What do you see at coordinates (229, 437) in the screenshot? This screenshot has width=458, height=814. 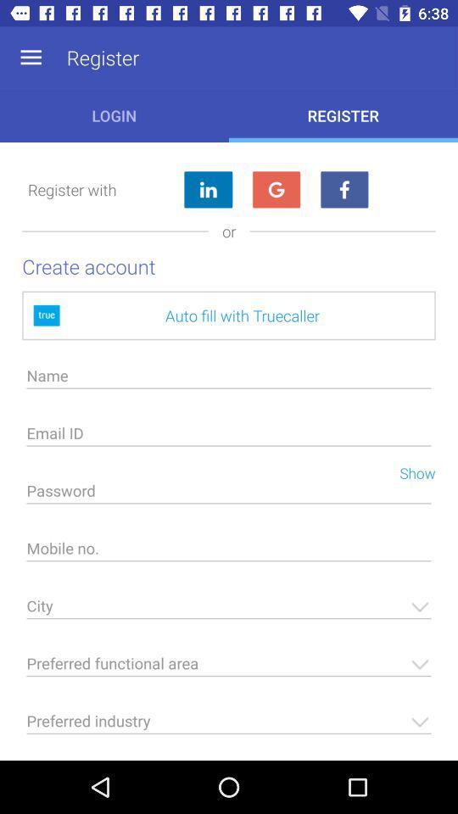 I see `insert email id` at bounding box center [229, 437].